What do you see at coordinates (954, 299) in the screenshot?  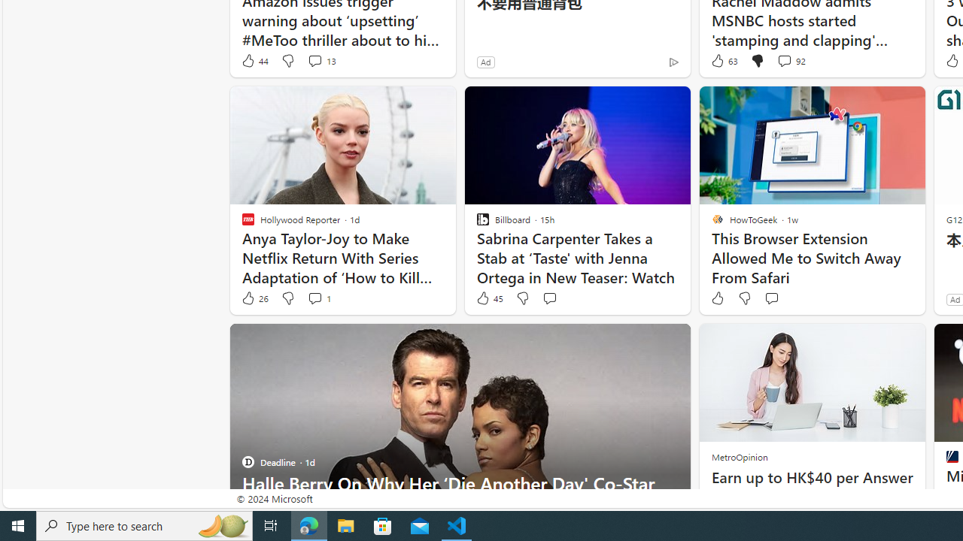 I see `'Ad'` at bounding box center [954, 299].